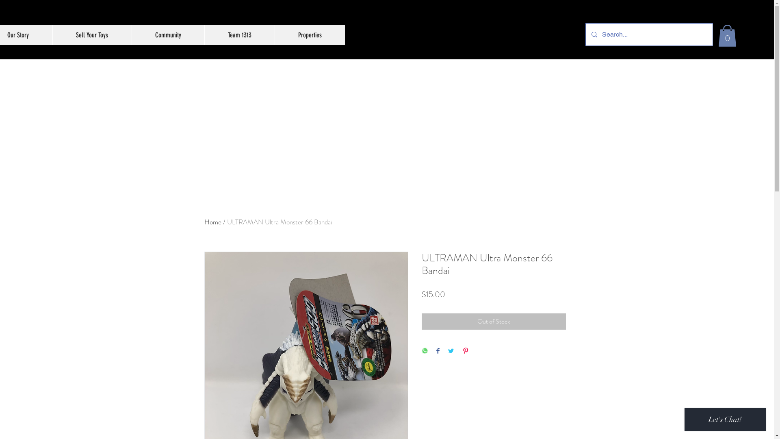  What do you see at coordinates (727, 35) in the screenshot?
I see `'0'` at bounding box center [727, 35].